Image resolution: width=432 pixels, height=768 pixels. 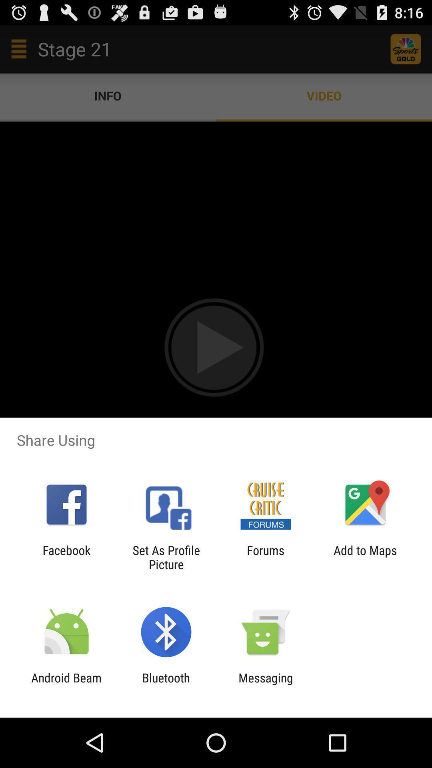 What do you see at coordinates (365, 557) in the screenshot?
I see `add to maps` at bounding box center [365, 557].